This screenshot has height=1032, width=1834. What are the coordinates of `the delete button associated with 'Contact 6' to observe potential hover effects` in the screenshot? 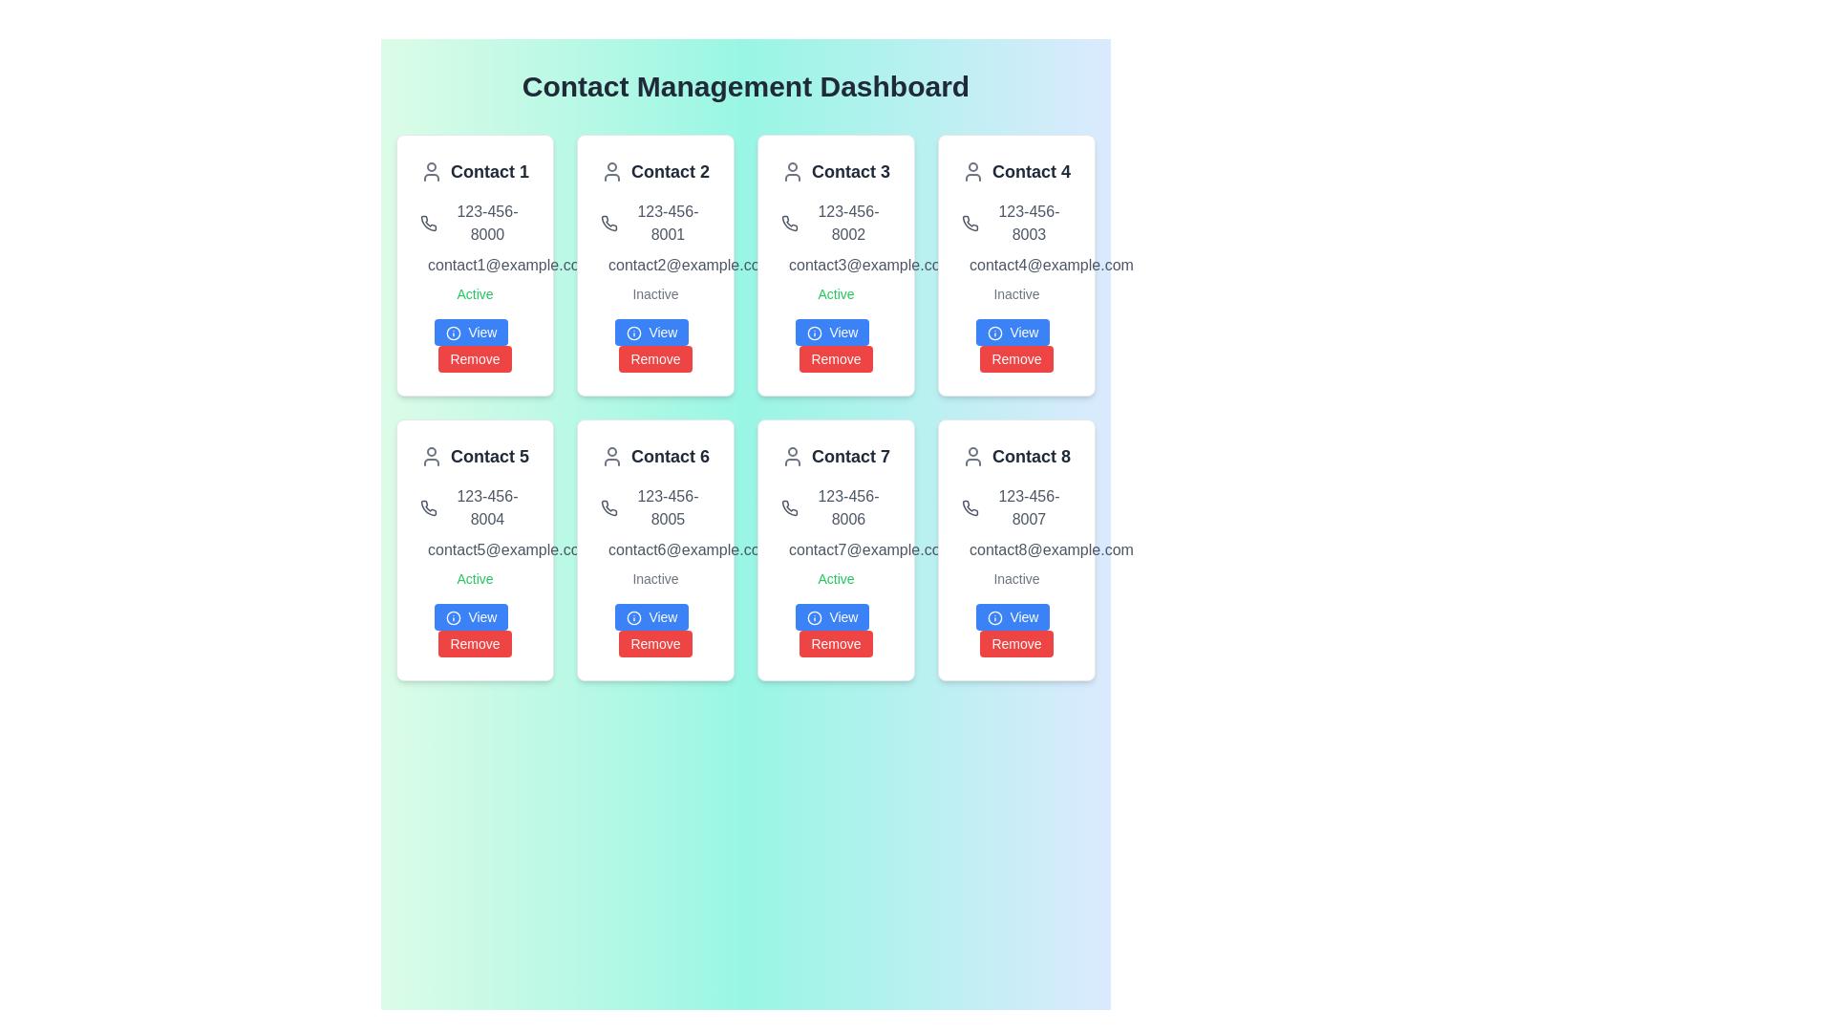 It's located at (655, 644).